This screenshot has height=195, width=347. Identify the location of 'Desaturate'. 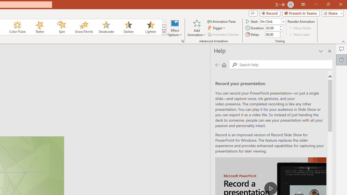
(106, 27).